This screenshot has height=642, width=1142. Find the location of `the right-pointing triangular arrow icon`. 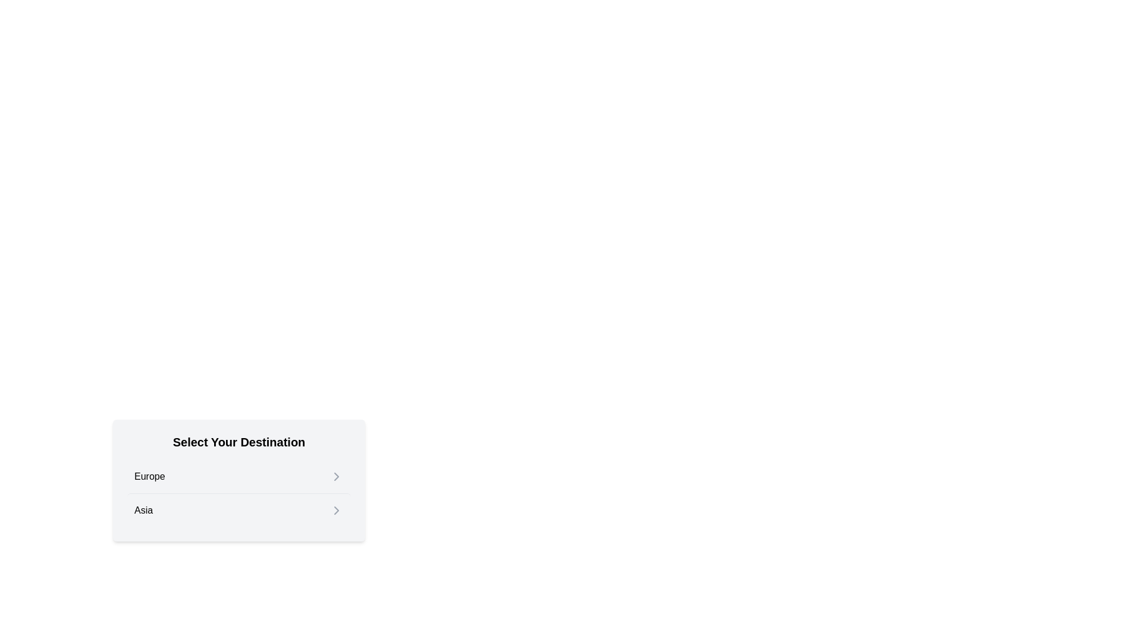

the right-pointing triangular arrow icon is located at coordinates (336, 476).